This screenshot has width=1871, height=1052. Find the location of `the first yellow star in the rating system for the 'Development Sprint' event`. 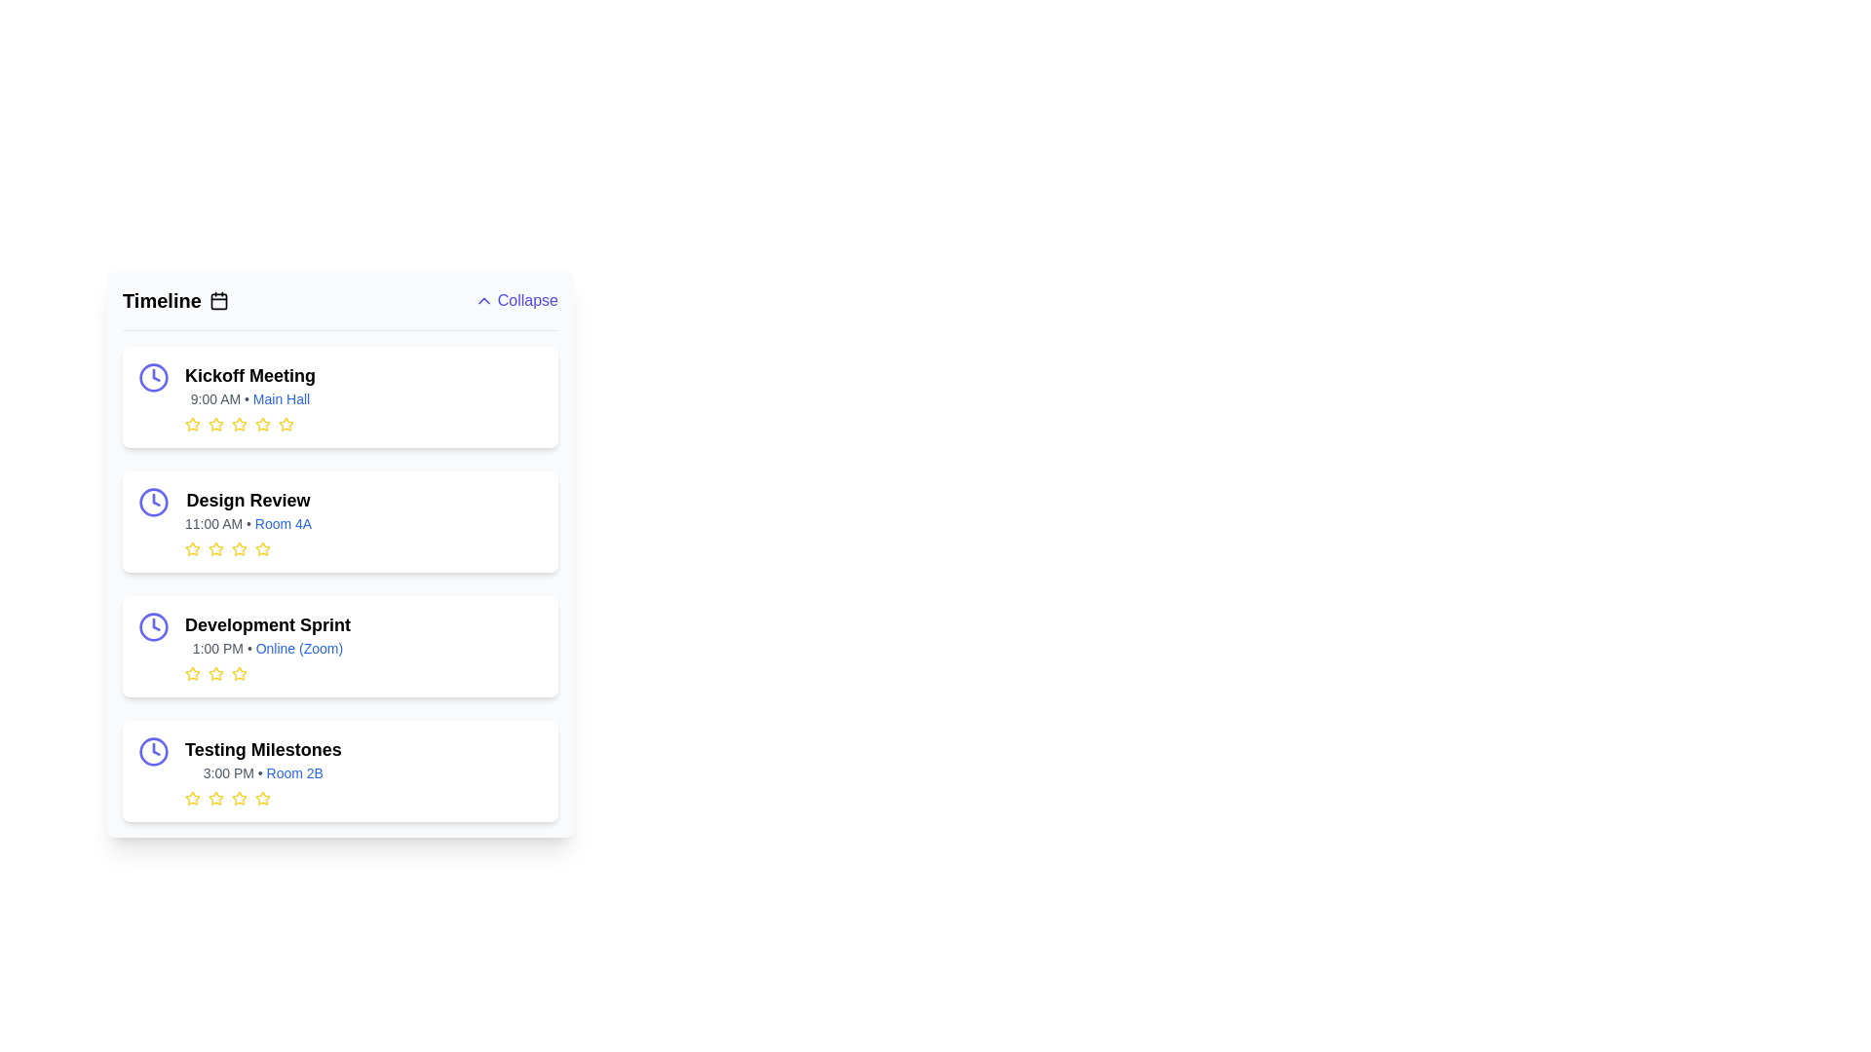

the first yellow star in the rating system for the 'Development Sprint' event is located at coordinates (238, 672).